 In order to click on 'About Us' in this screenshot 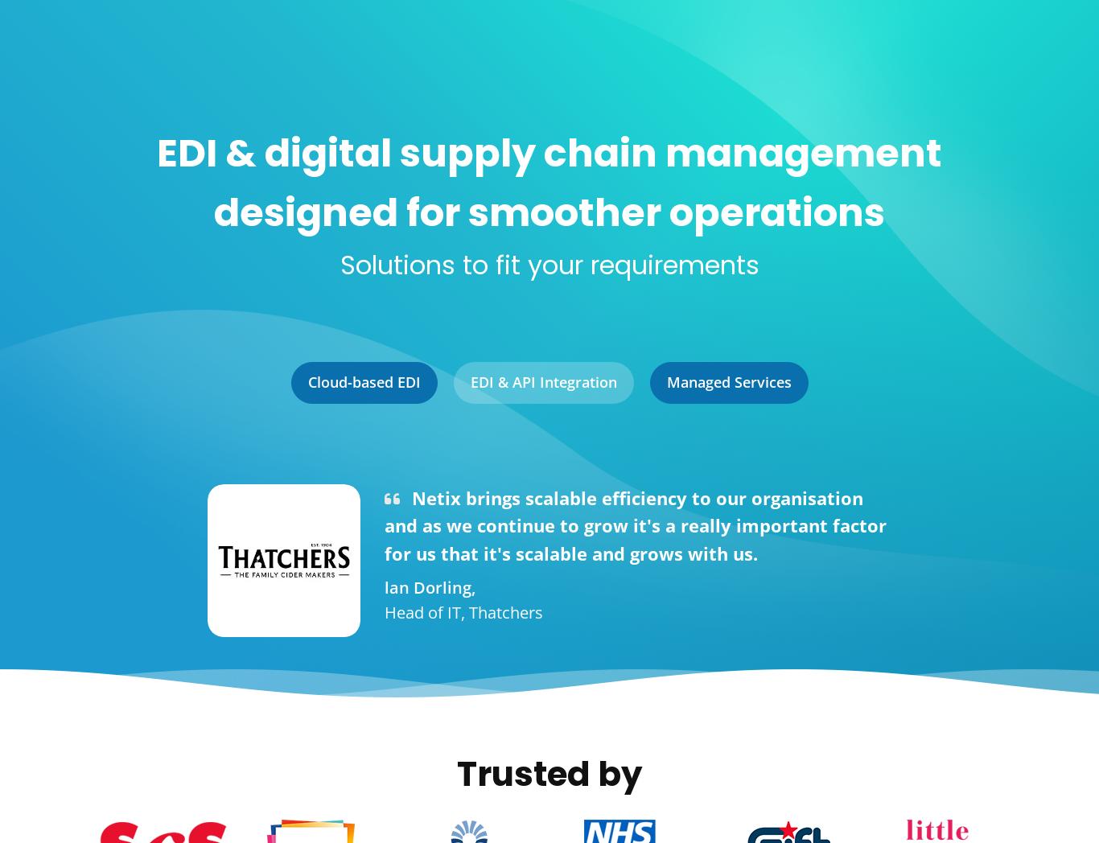, I will do `click(500, 28)`.